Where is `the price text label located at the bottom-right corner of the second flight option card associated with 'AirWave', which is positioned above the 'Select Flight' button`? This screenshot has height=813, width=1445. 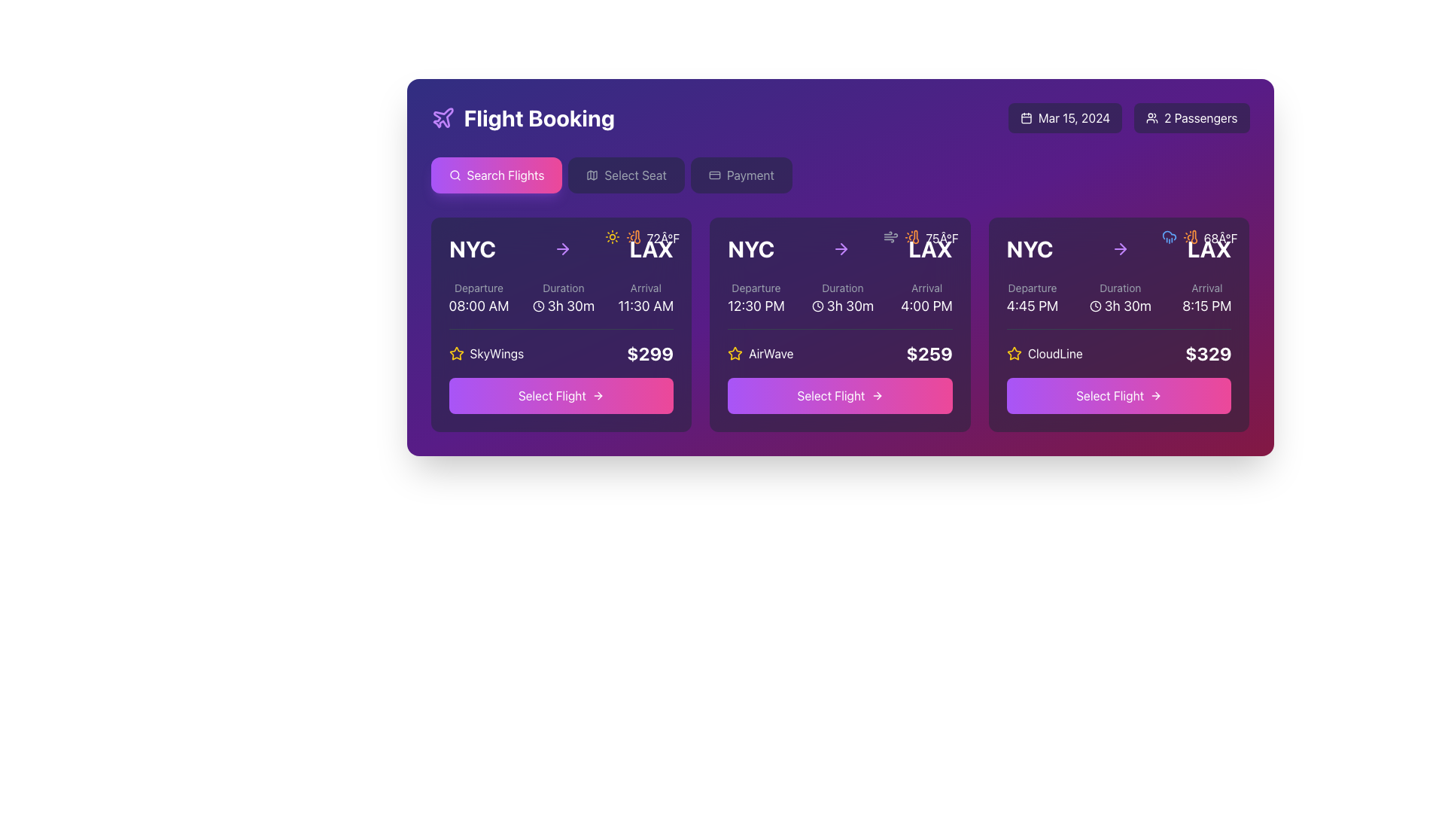
the price text label located at the bottom-right corner of the second flight option card associated with 'AirWave', which is positioned above the 'Select Flight' button is located at coordinates (929, 354).